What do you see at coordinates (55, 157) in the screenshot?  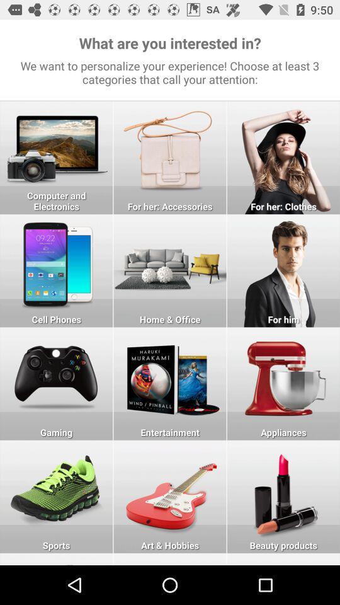 I see `choose the selection` at bounding box center [55, 157].